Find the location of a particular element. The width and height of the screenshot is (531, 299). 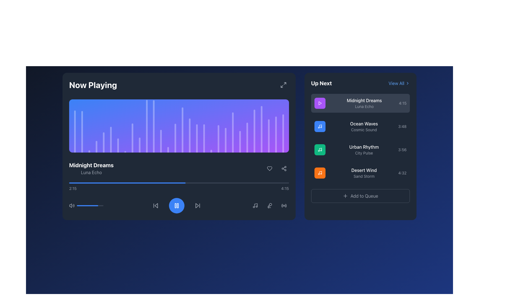

the static text displaying the total duration of the current audio track in the bottom right corner of the 'Now Playing' section of the music player interface is located at coordinates (285, 188).